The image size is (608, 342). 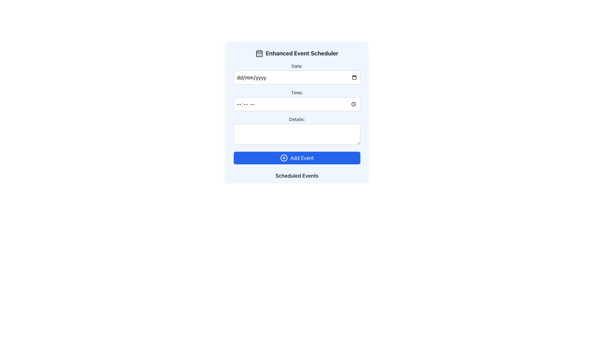 I want to click on the 'Time:' label, which is a small, bold, gray text label positioned centrally above the time input field in the form layout, so click(x=296, y=93).